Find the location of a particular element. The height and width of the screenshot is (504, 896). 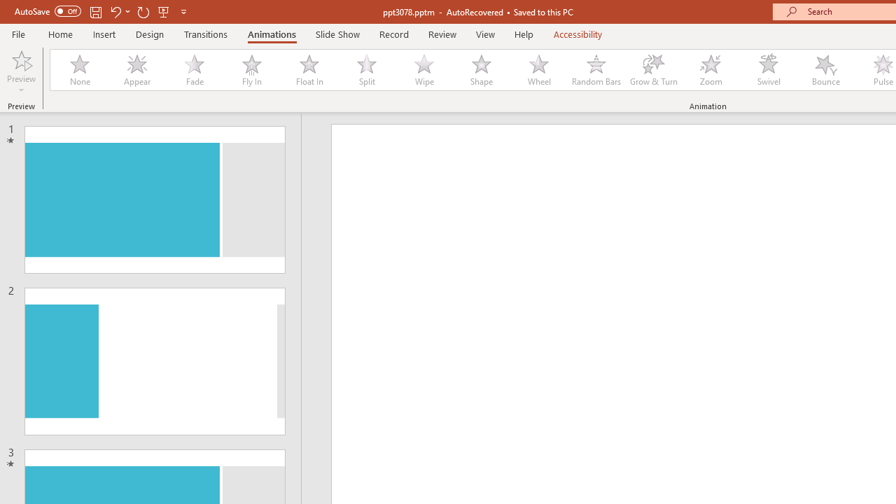

'Fade' is located at coordinates (193, 70).